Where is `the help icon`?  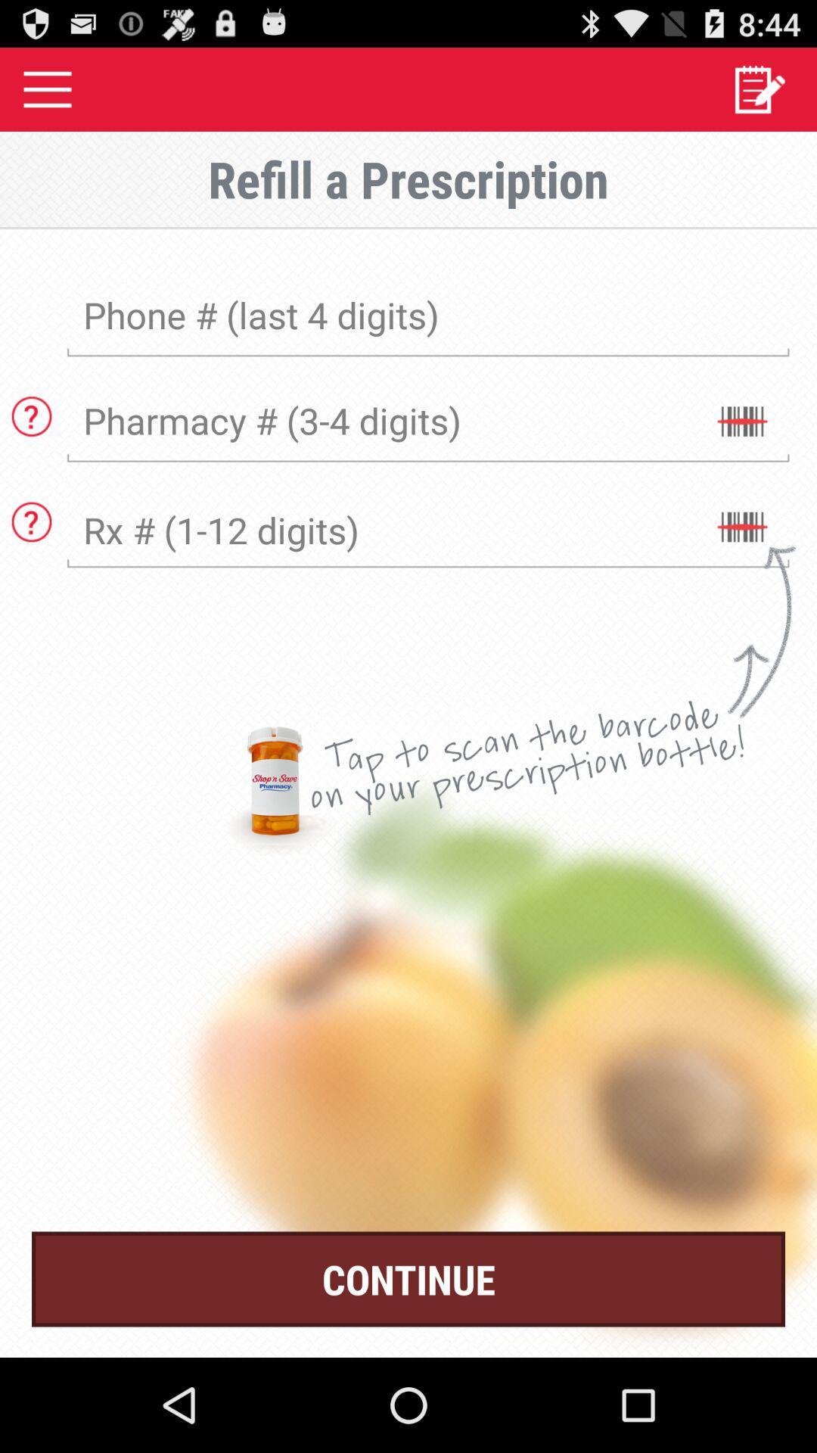 the help icon is located at coordinates (32, 552).